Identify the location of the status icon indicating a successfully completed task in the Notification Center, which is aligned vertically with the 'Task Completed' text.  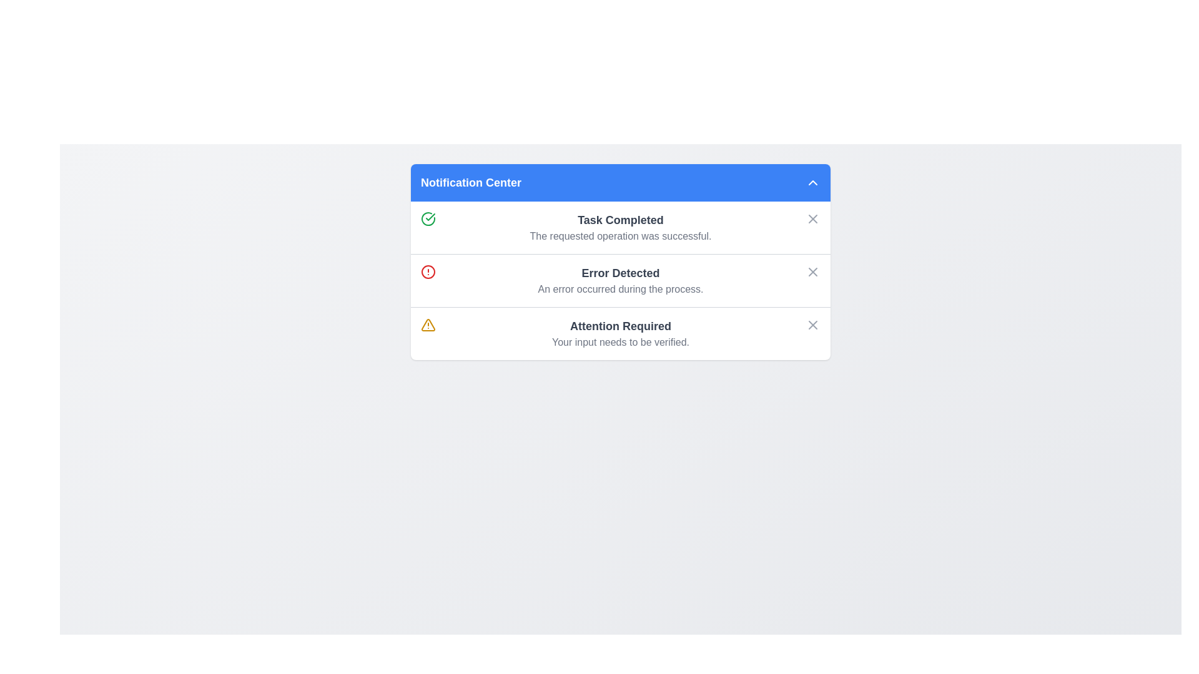
(428, 218).